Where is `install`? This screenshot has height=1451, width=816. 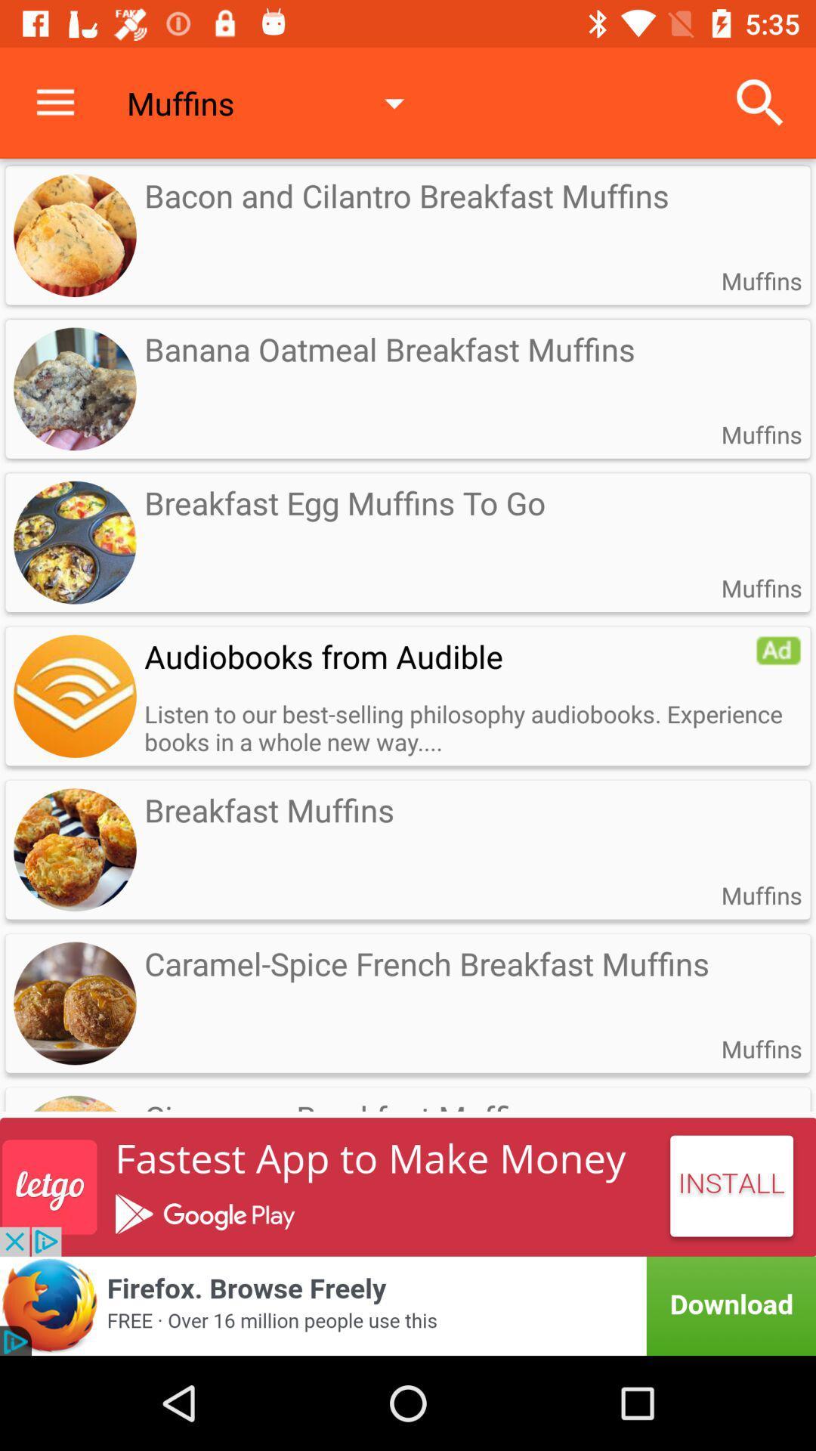 install is located at coordinates (408, 1186).